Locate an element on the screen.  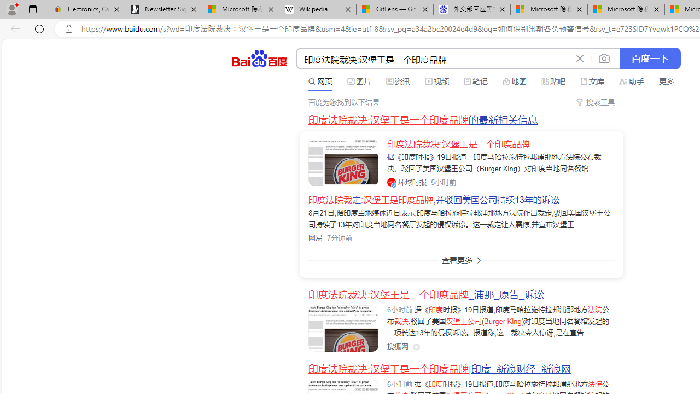
'Electronics, Cars, Fashion, Collectibles & More | eBay' is located at coordinates (86, 9).